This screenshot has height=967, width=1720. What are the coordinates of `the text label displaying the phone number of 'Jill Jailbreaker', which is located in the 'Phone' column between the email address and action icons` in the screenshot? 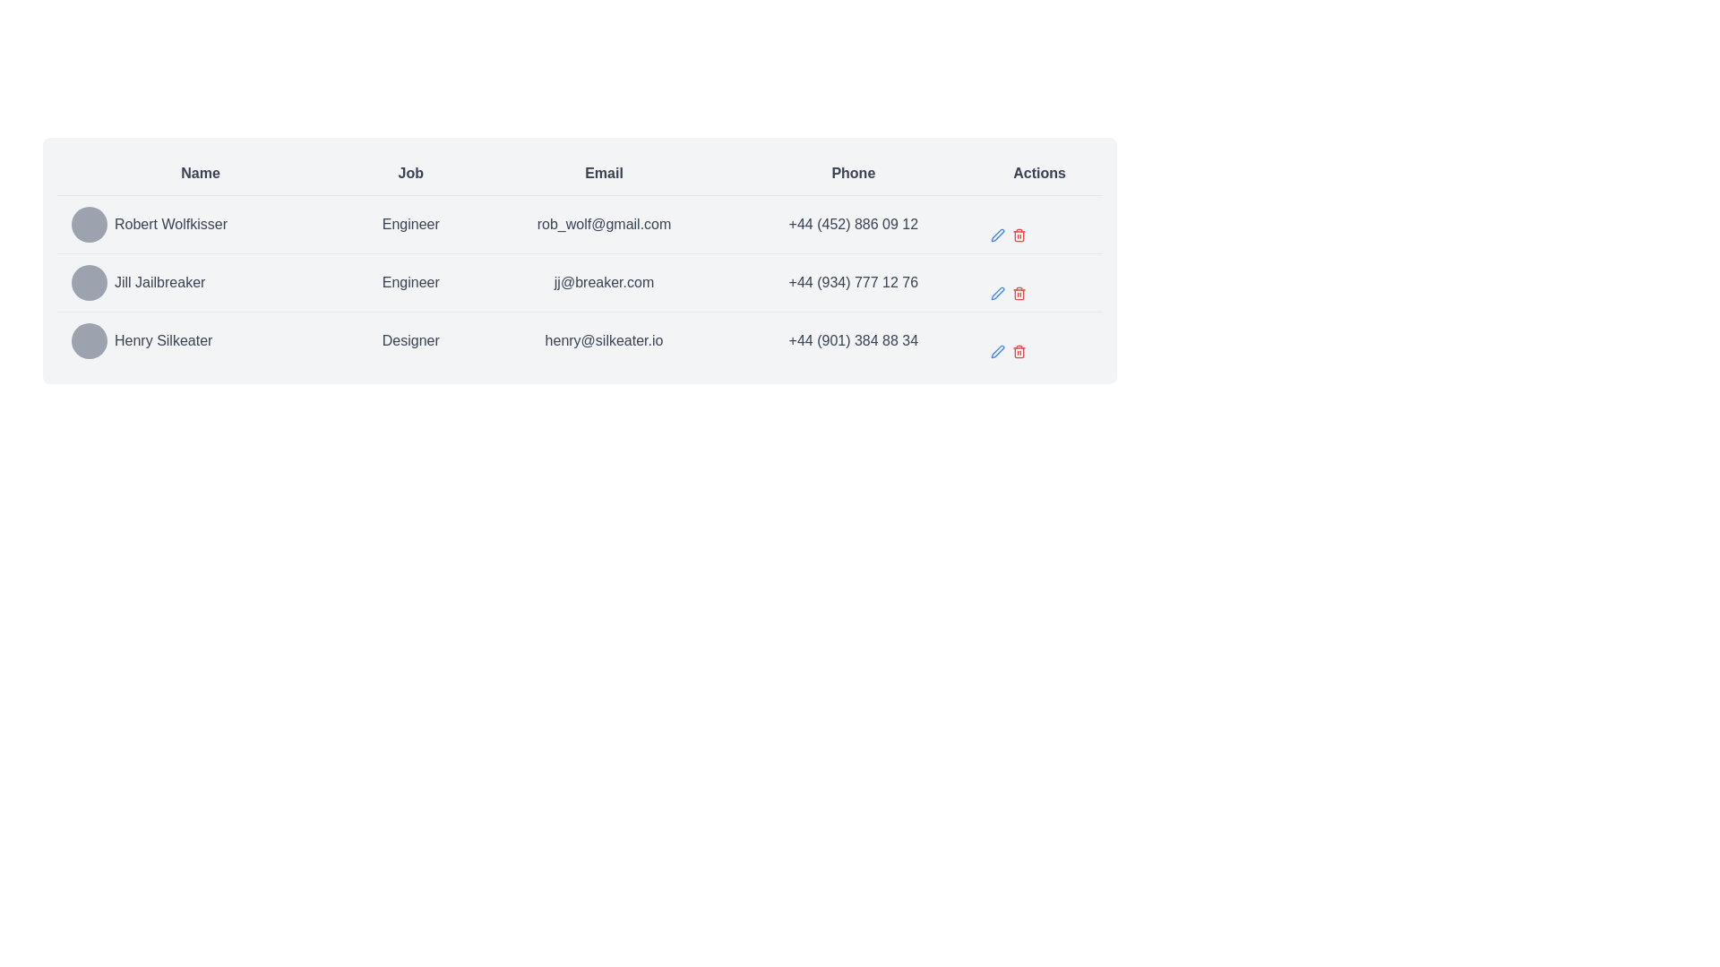 It's located at (852, 282).